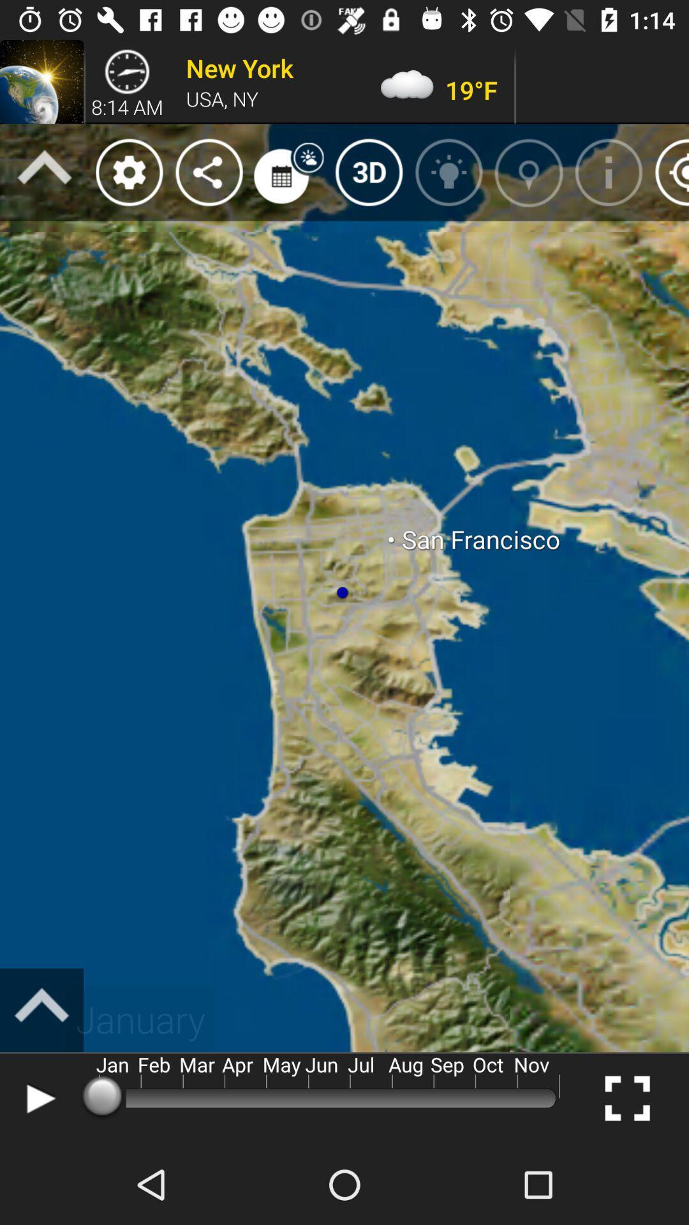 The width and height of the screenshot is (689, 1225). Describe the element at coordinates (41, 1009) in the screenshot. I see `the expand_less icon` at that location.